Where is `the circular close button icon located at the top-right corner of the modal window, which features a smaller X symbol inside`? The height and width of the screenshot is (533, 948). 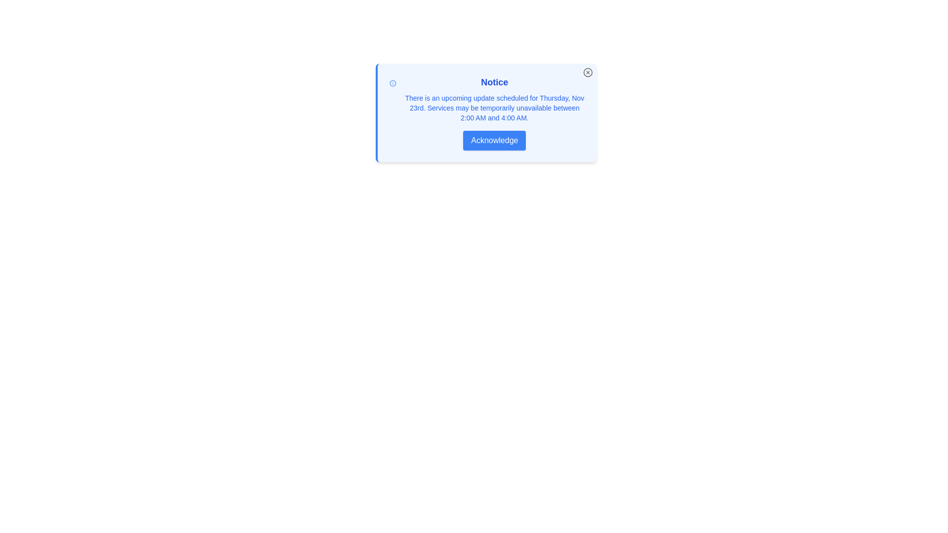 the circular close button icon located at the top-right corner of the modal window, which features a smaller X symbol inside is located at coordinates (588, 72).